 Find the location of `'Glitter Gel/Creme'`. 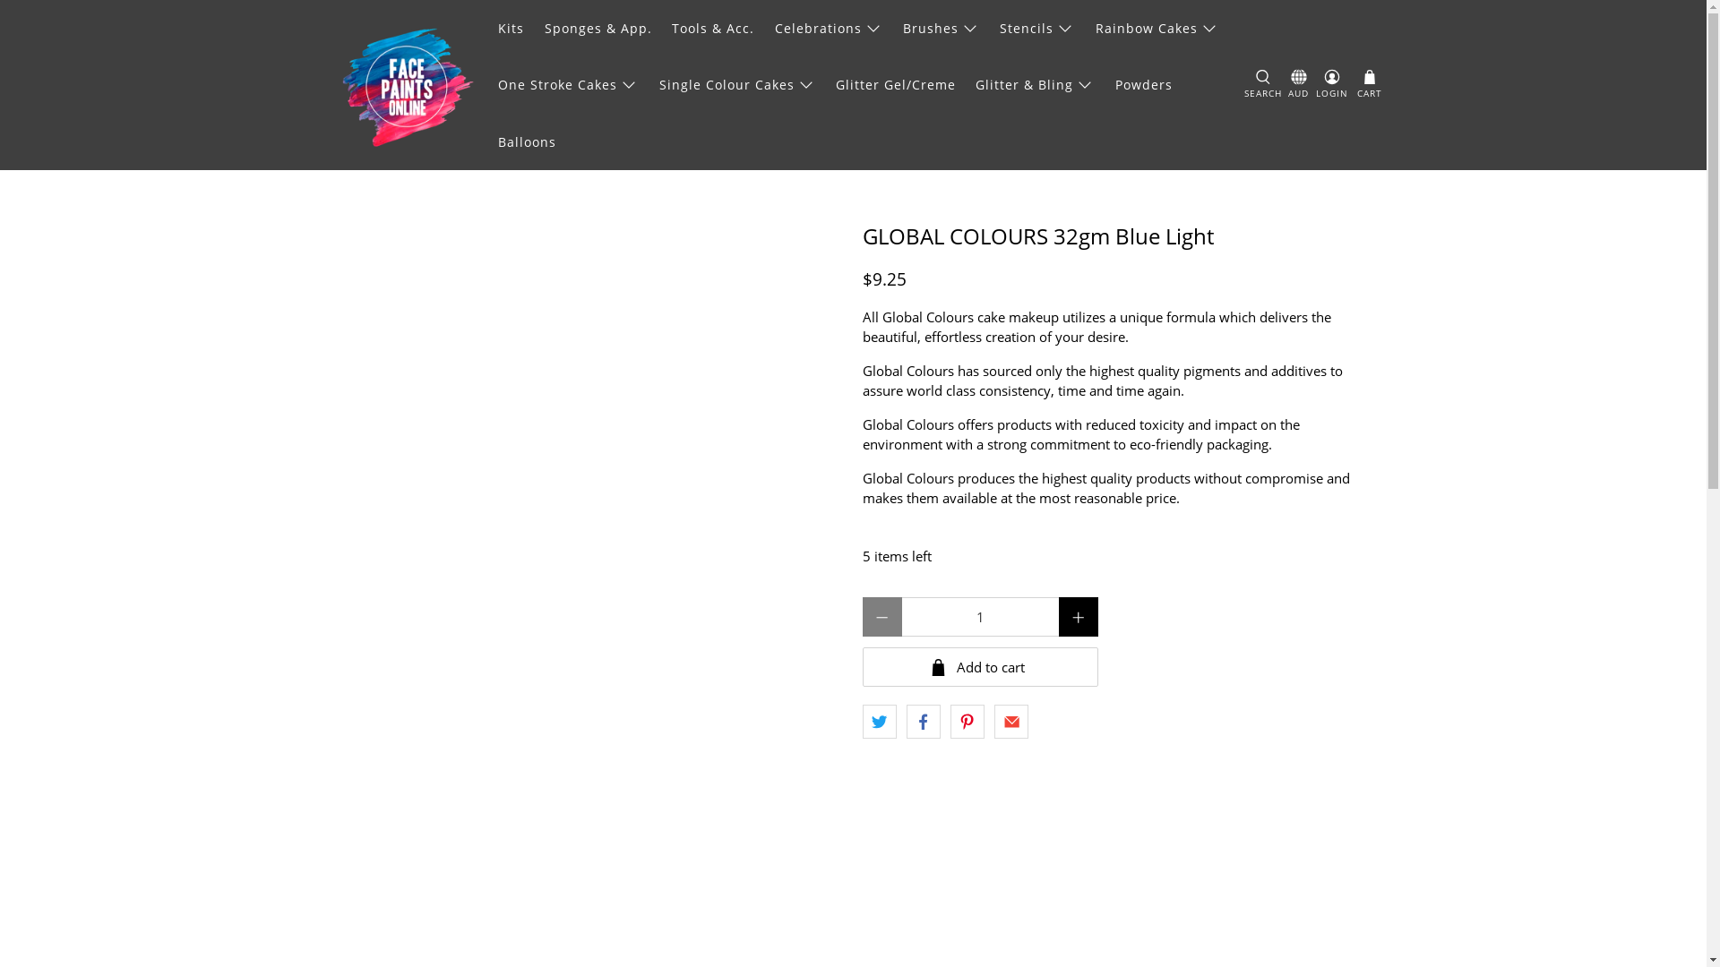

'Glitter Gel/Creme' is located at coordinates (896, 84).